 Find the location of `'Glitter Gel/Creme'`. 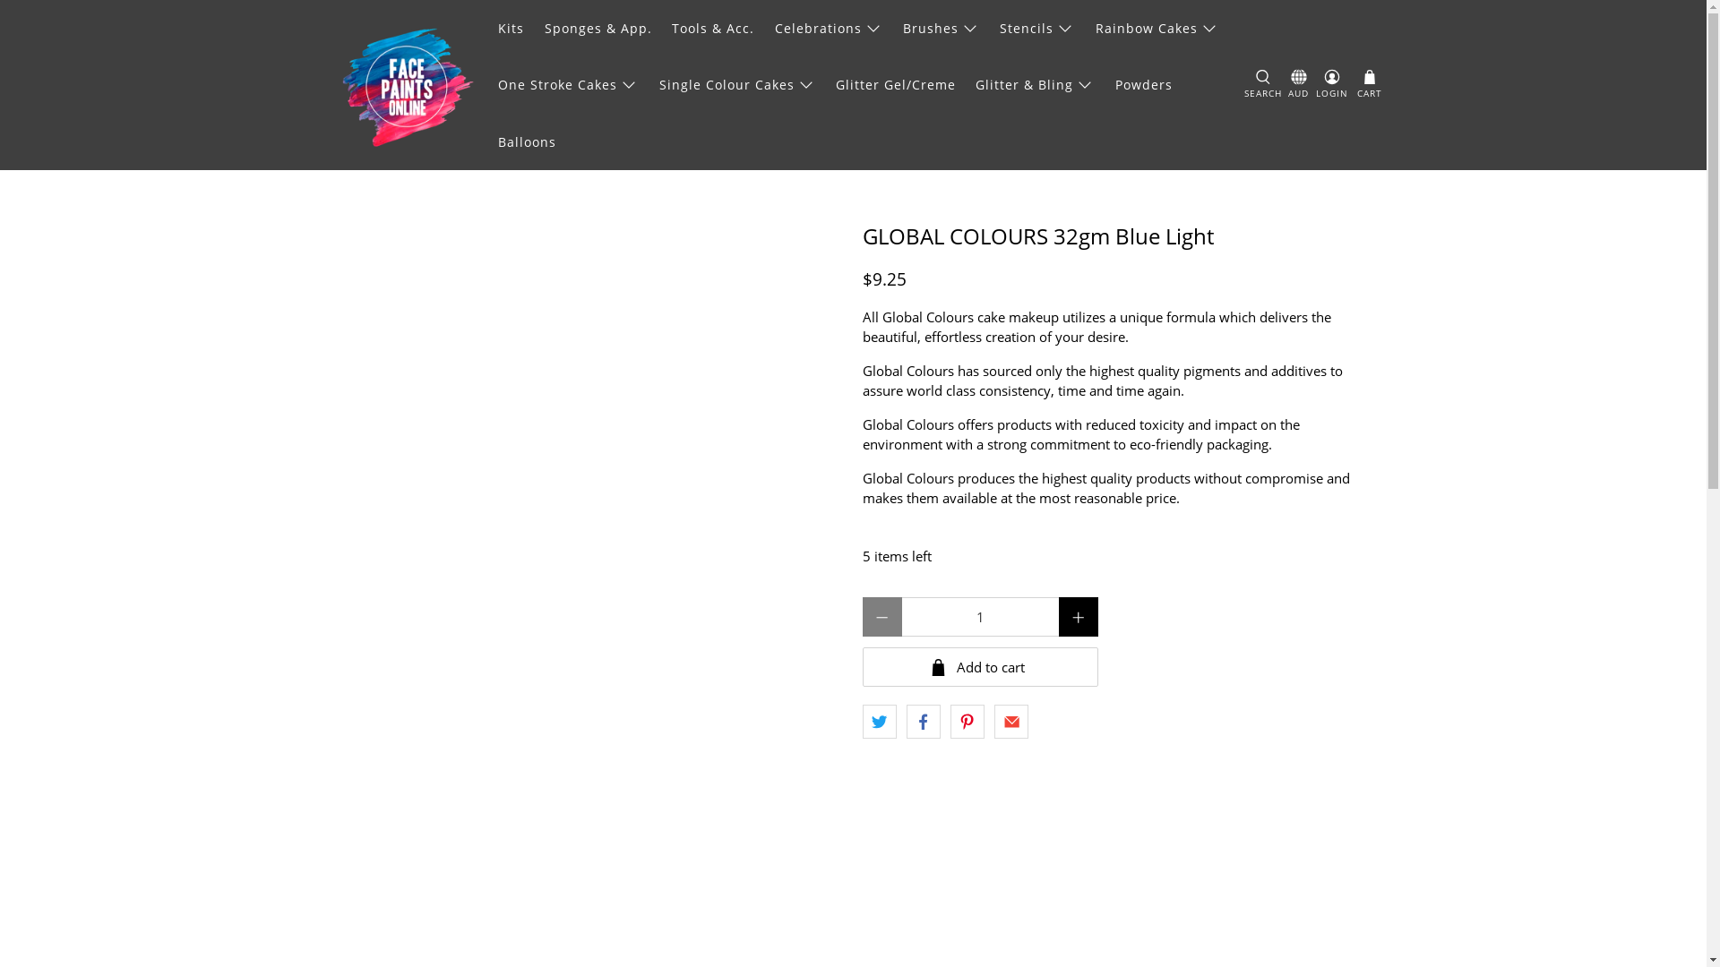

'Glitter Gel/Creme' is located at coordinates (896, 84).